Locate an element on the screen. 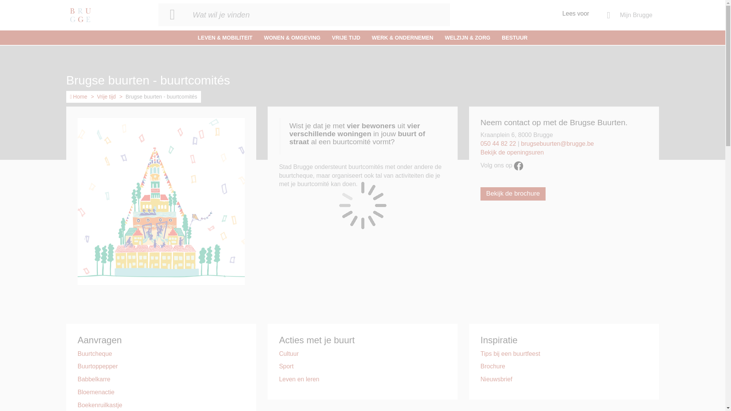 The width and height of the screenshot is (731, 411). 'Brochure' is located at coordinates (493, 366).